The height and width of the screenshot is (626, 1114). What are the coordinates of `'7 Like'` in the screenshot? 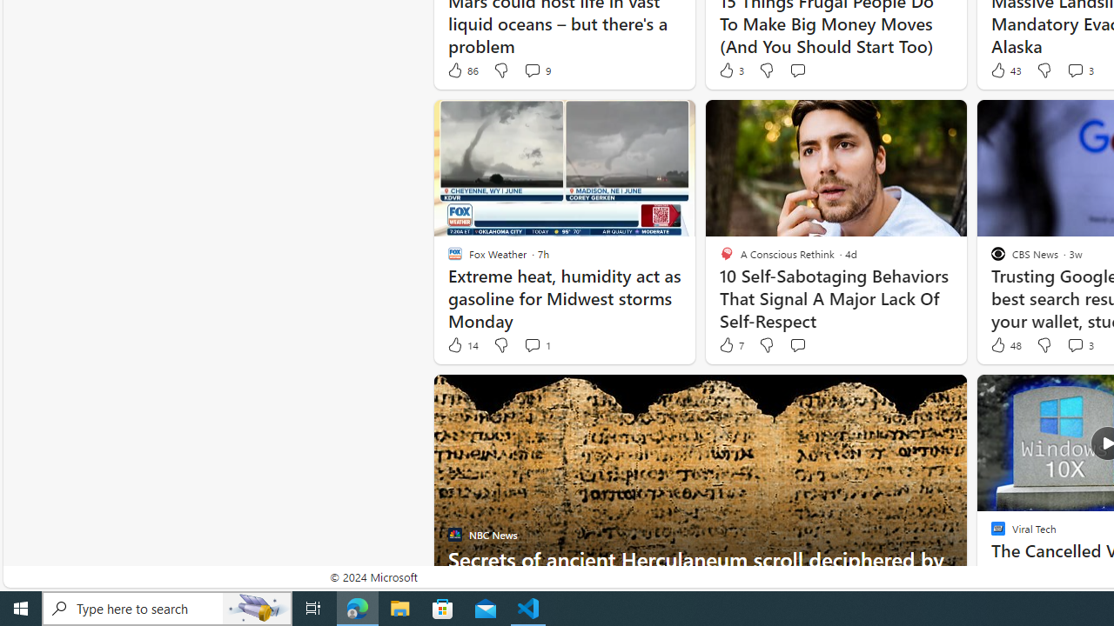 It's located at (730, 345).